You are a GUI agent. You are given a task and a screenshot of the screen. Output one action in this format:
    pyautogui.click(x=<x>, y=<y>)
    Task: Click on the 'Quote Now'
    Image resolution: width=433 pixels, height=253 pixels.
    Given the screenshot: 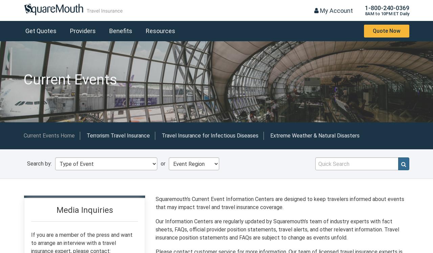 What is the action you would take?
    pyautogui.click(x=387, y=30)
    